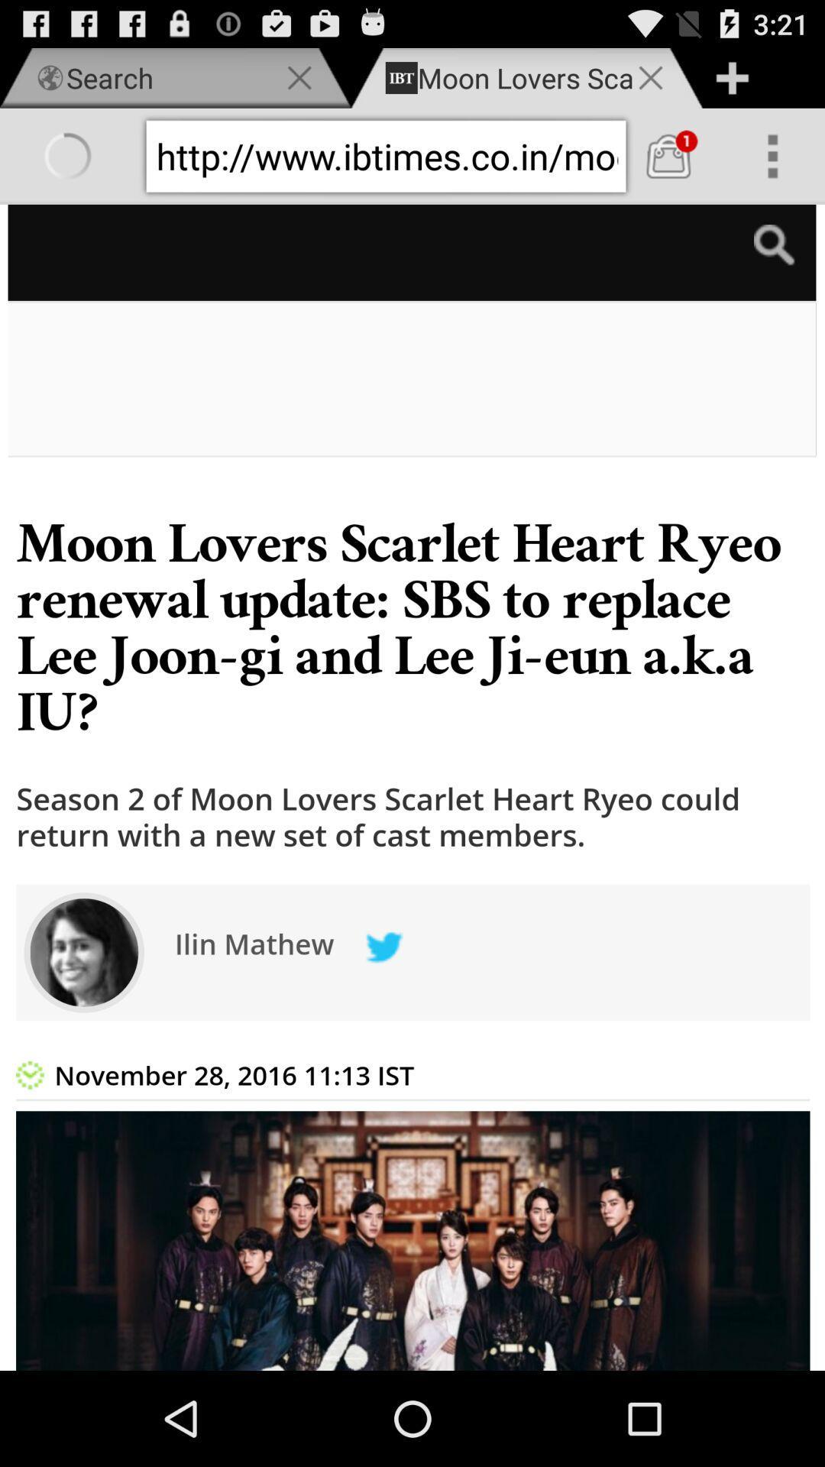  Describe the element at coordinates (668, 156) in the screenshot. I see `notification button` at that location.